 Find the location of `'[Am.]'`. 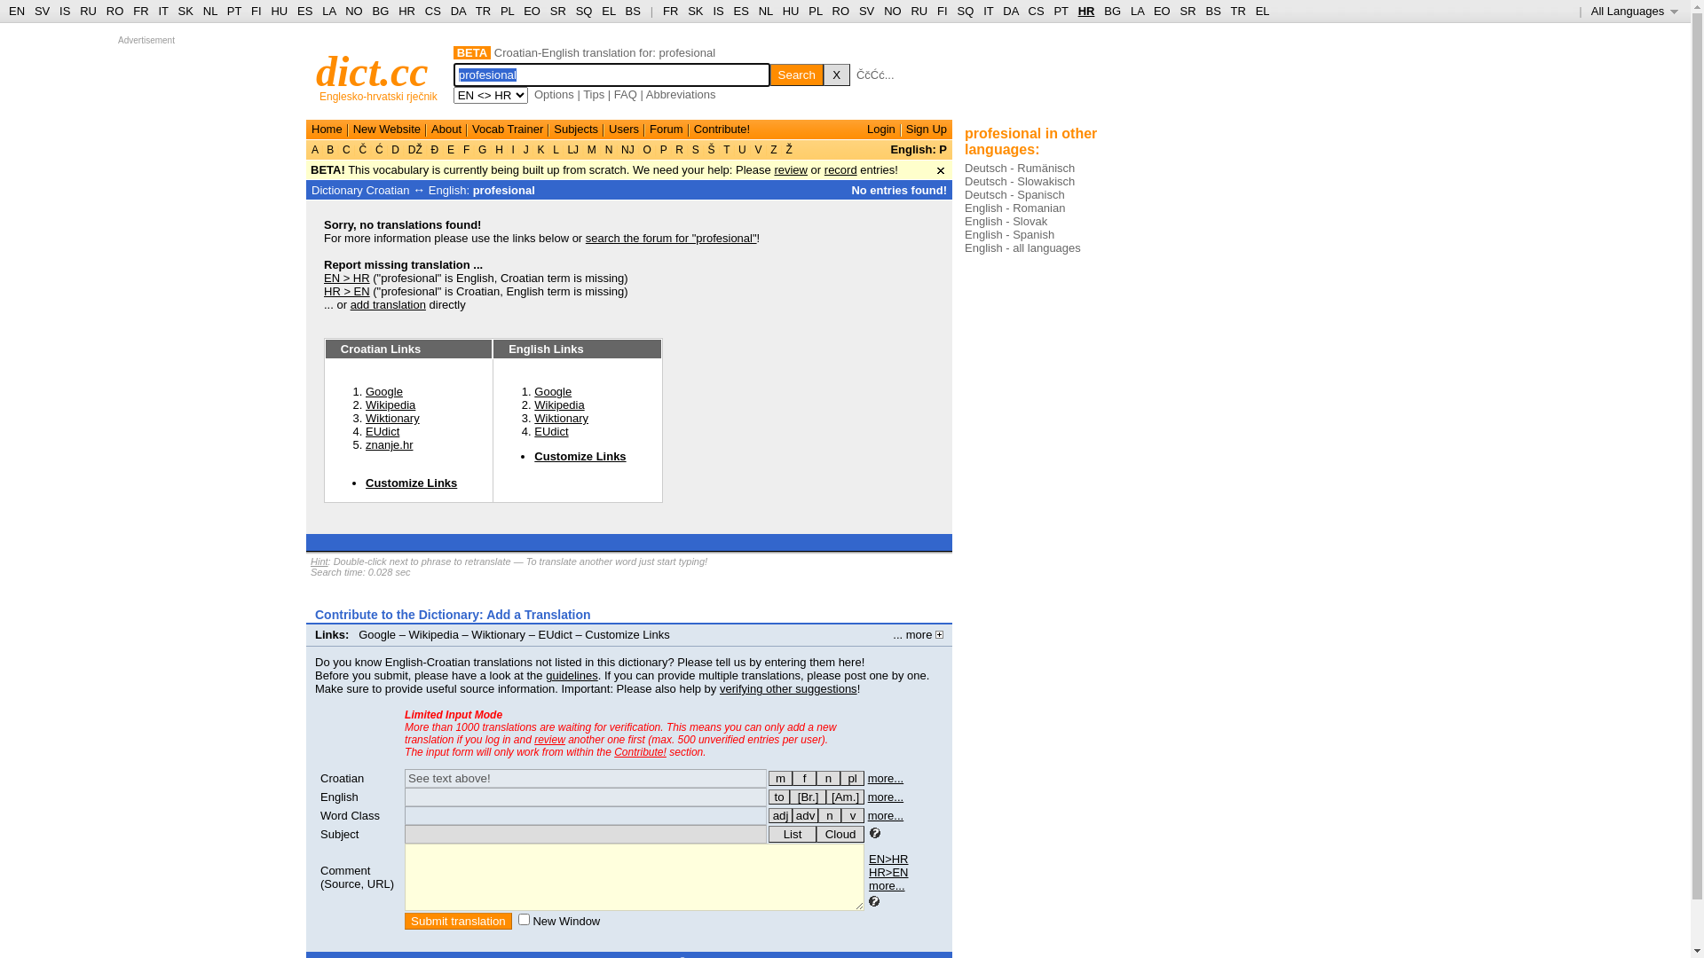

'[Am.]' is located at coordinates (844, 796).